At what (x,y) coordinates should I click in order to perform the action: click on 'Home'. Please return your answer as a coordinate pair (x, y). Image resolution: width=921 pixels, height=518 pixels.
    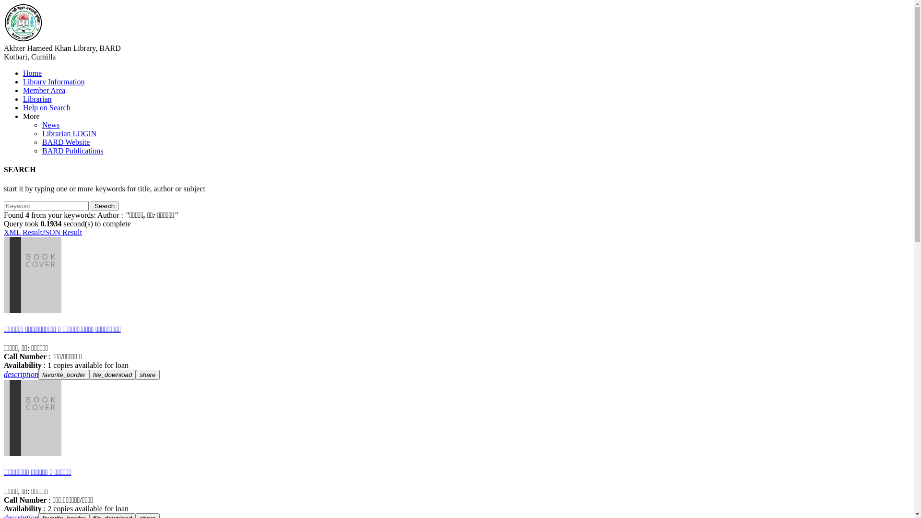
    Looking at the image, I should click on (32, 72).